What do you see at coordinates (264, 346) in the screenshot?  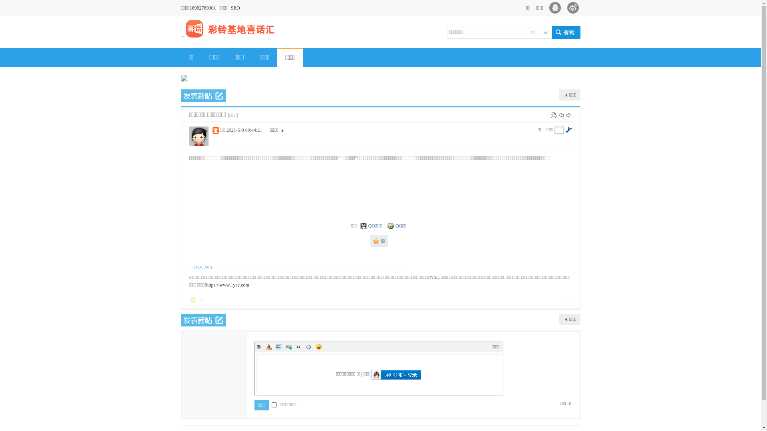 I see `'Color'` at bounding box center [264, 346].